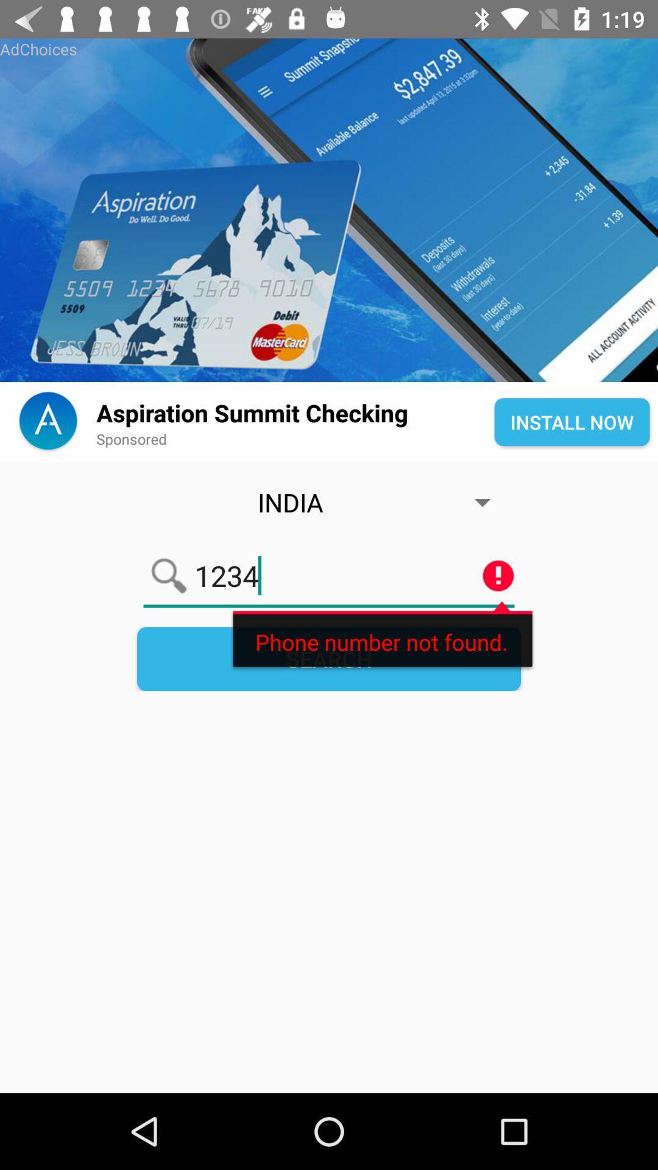 Image resolution: width=658 pixels, height=1170 pixels. I want to click on the font icon, so click(48, 422).